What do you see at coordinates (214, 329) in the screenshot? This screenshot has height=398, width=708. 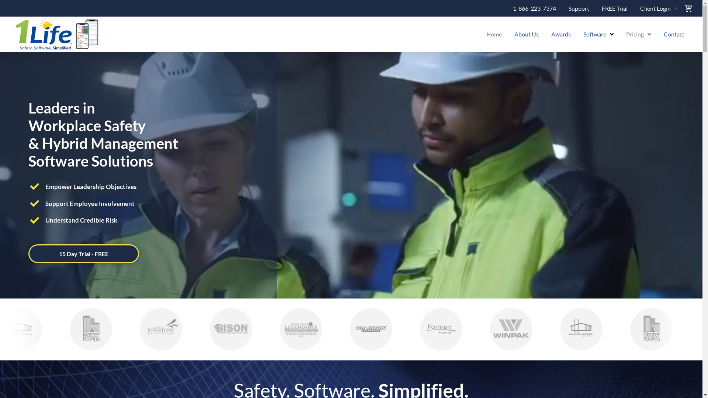 I see `'Bison Fire Protection'` at bounding box center [214, 329].